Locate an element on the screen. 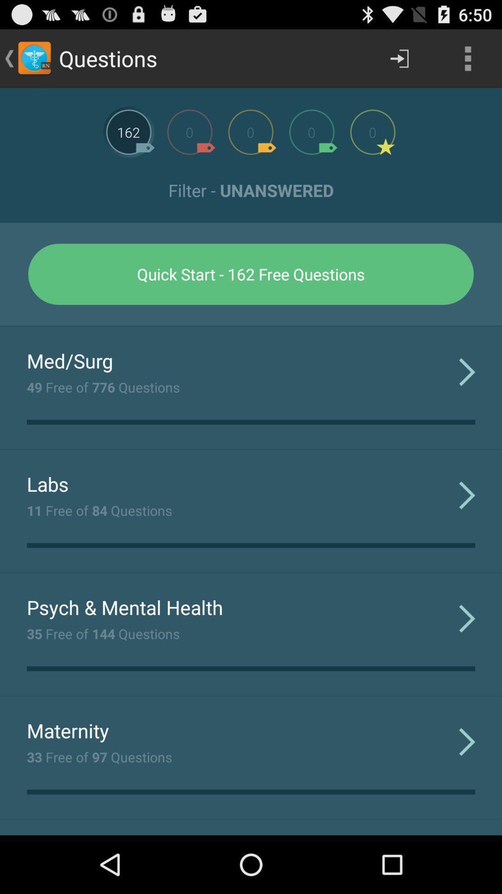 This screenshot has height=894, width=502. more questions is located at coordinates (250, 131).